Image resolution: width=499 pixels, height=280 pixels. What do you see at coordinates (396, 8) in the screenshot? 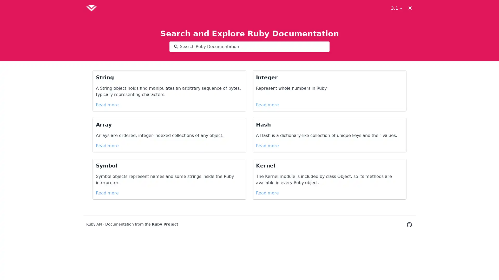
I see `Show github links` at bounding box center [396, 8].